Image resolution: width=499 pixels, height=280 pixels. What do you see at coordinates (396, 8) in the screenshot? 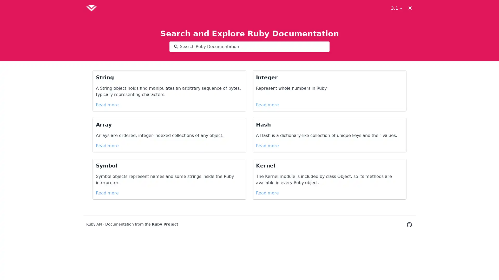
I see `Show github links` at bounding box center [396, 8].